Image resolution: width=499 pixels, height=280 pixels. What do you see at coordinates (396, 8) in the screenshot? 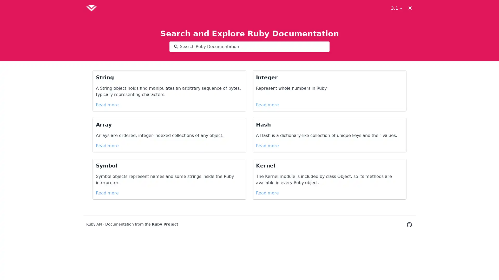
I see `Show github links` at bounding box center [396, 8].